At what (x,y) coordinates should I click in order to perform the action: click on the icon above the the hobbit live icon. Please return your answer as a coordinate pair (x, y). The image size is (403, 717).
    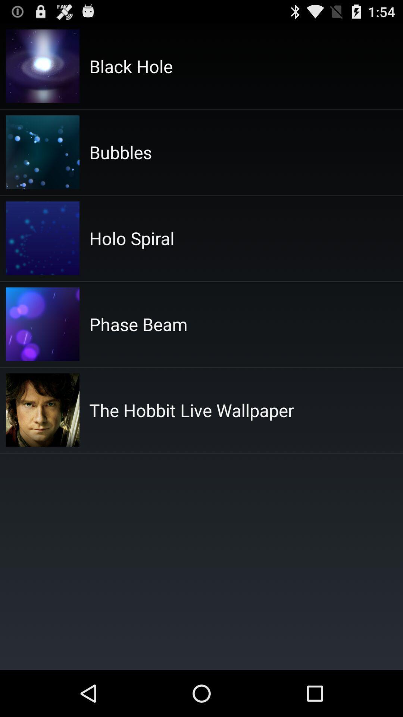
    Looking at the image, I should click on (138, 324).